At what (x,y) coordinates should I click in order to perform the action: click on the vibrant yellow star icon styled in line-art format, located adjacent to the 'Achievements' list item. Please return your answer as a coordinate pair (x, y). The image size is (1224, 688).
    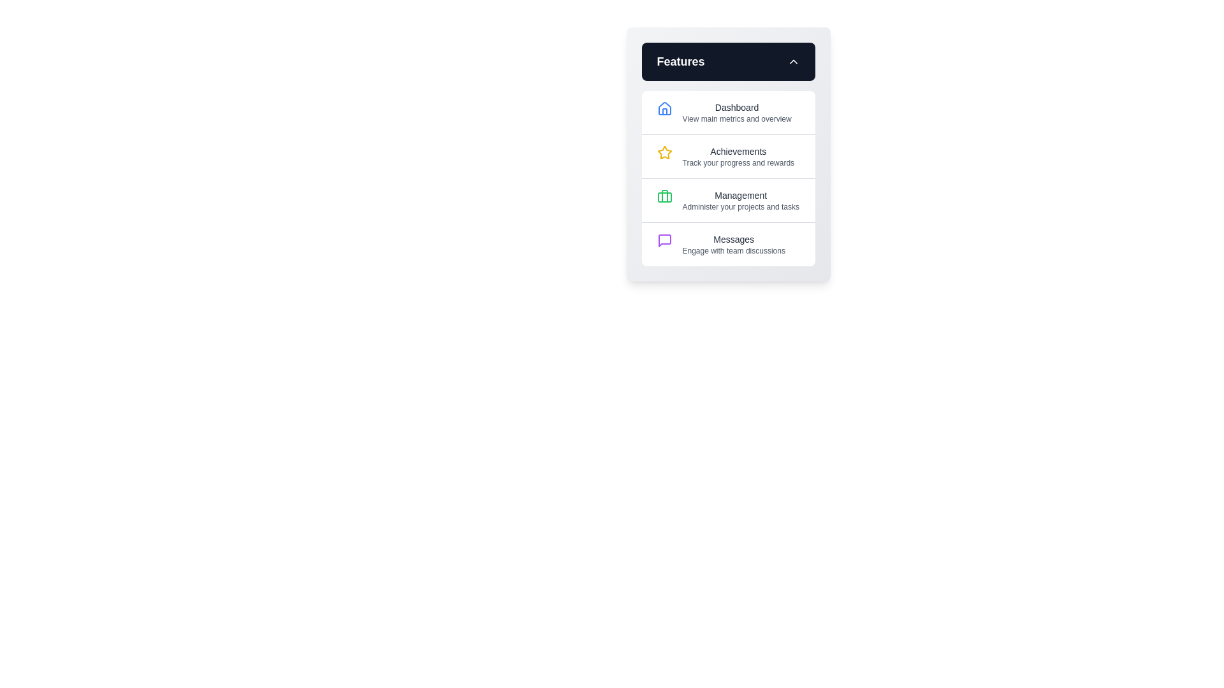
    Looking at the image, I should click on (664, 152).